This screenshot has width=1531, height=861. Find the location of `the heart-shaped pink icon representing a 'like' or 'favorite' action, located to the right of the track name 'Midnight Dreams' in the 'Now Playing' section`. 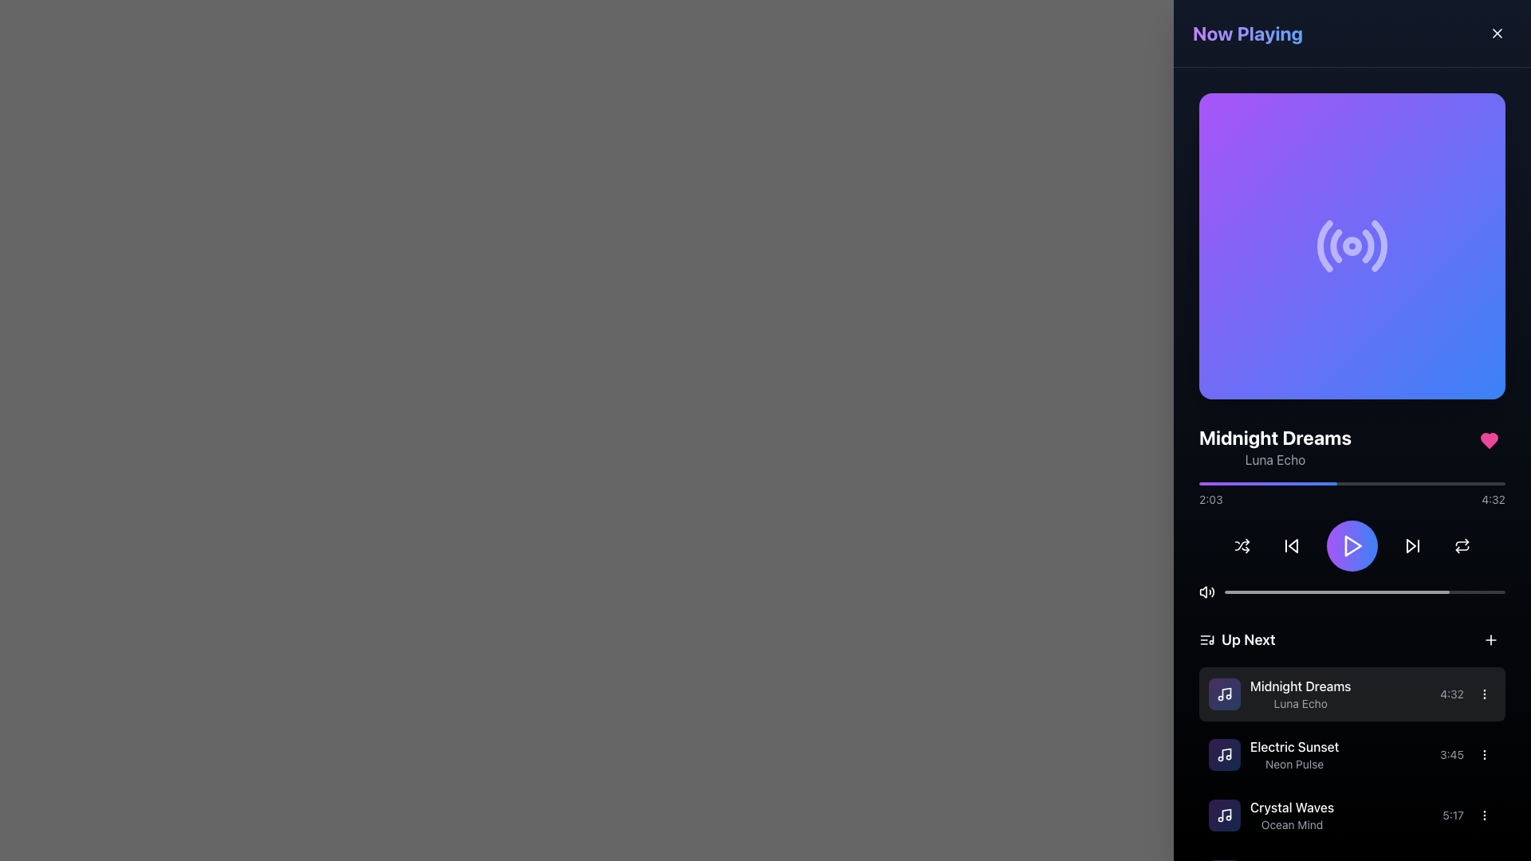

the heart-shaped pink icon representing a 'like' or 'favorite' action, located to the right of the track name 'Midnight Dreams' in the 'Now Playing' section is located at coordinates (1488, 440).